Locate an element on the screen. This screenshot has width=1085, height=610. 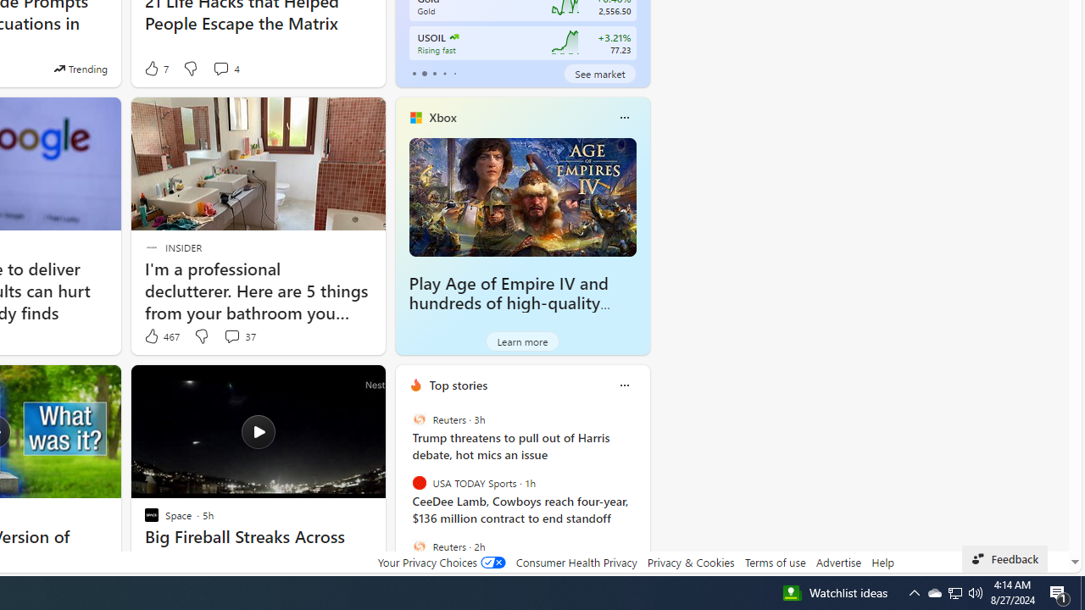
'Help' is located at coordinates (882, 562).